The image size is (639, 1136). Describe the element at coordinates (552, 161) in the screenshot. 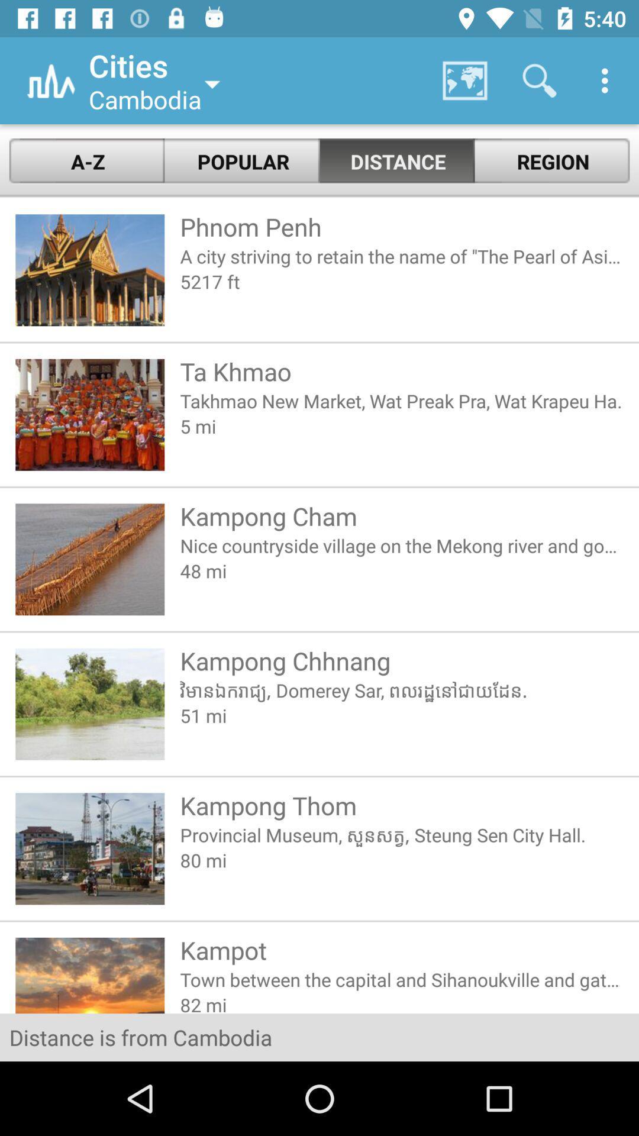

I see `the region icon` at that location.